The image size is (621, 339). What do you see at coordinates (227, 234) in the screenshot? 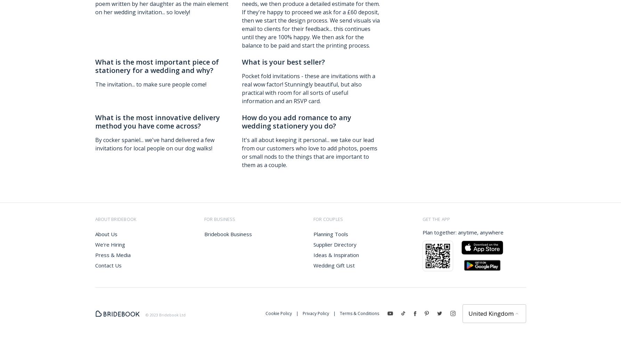
I see `'Bridebook Business'` at bounding box center [227, 234].